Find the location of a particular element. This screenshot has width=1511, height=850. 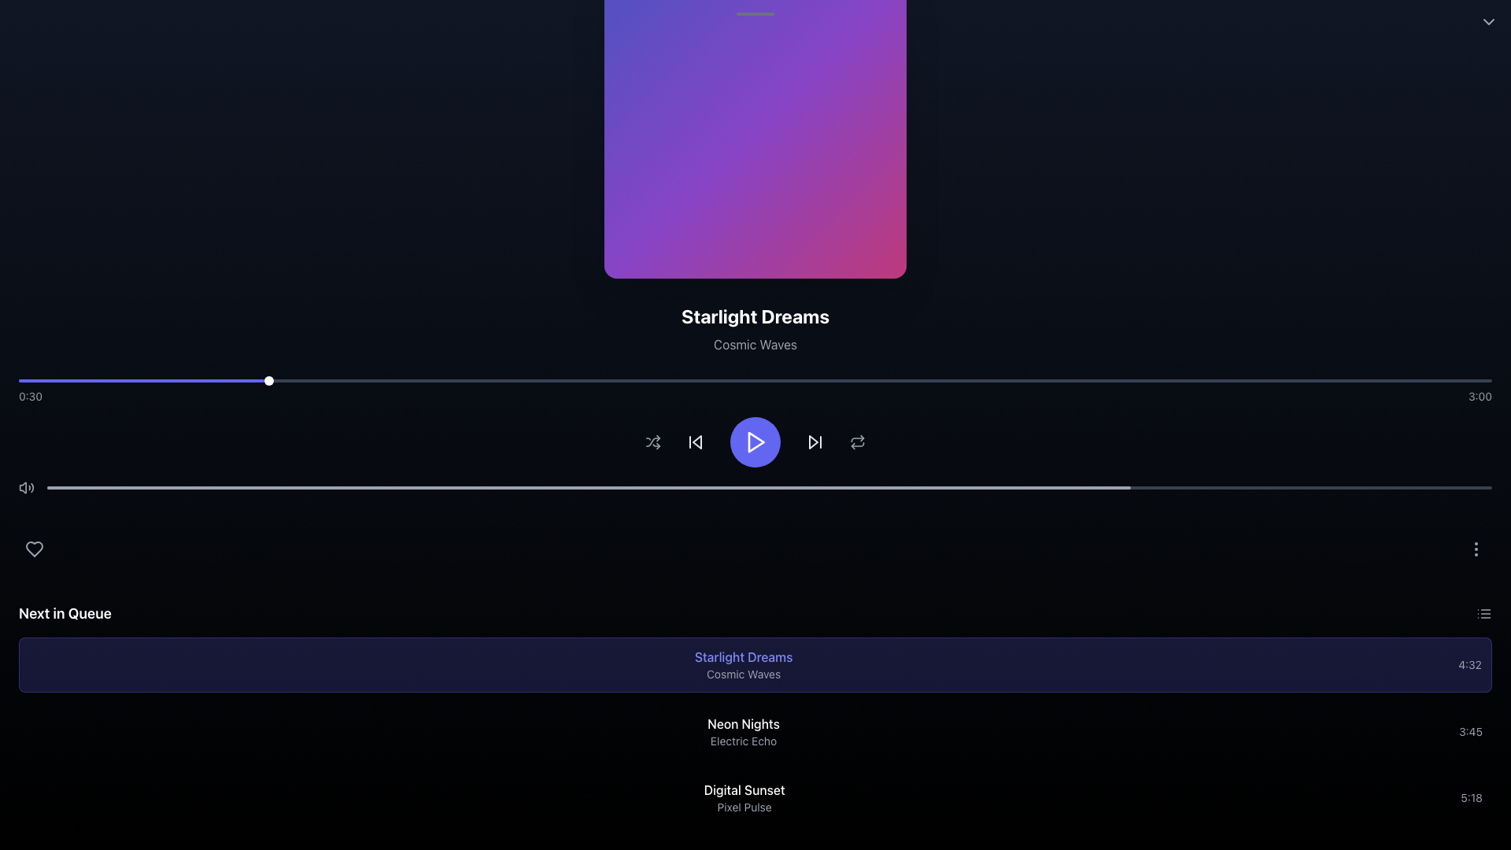

the primary play button located centrally among the playback control buttons is located at coordinates (755, 442).